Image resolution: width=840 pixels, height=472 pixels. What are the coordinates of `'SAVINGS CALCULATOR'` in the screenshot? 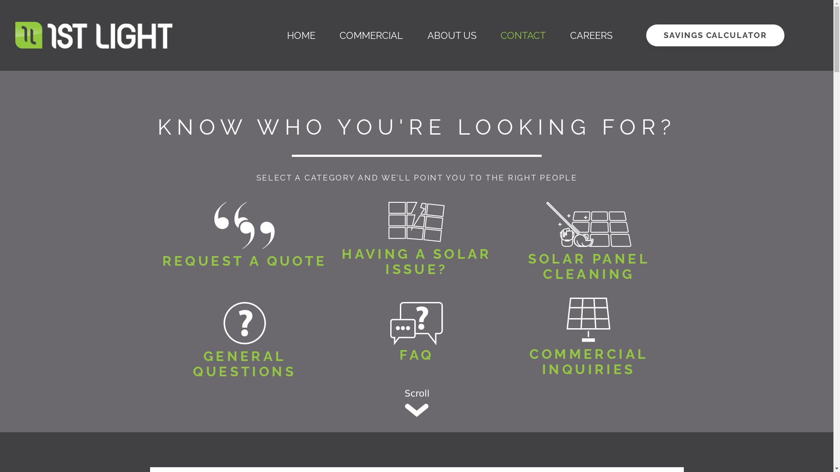 It's located at (715, 35).